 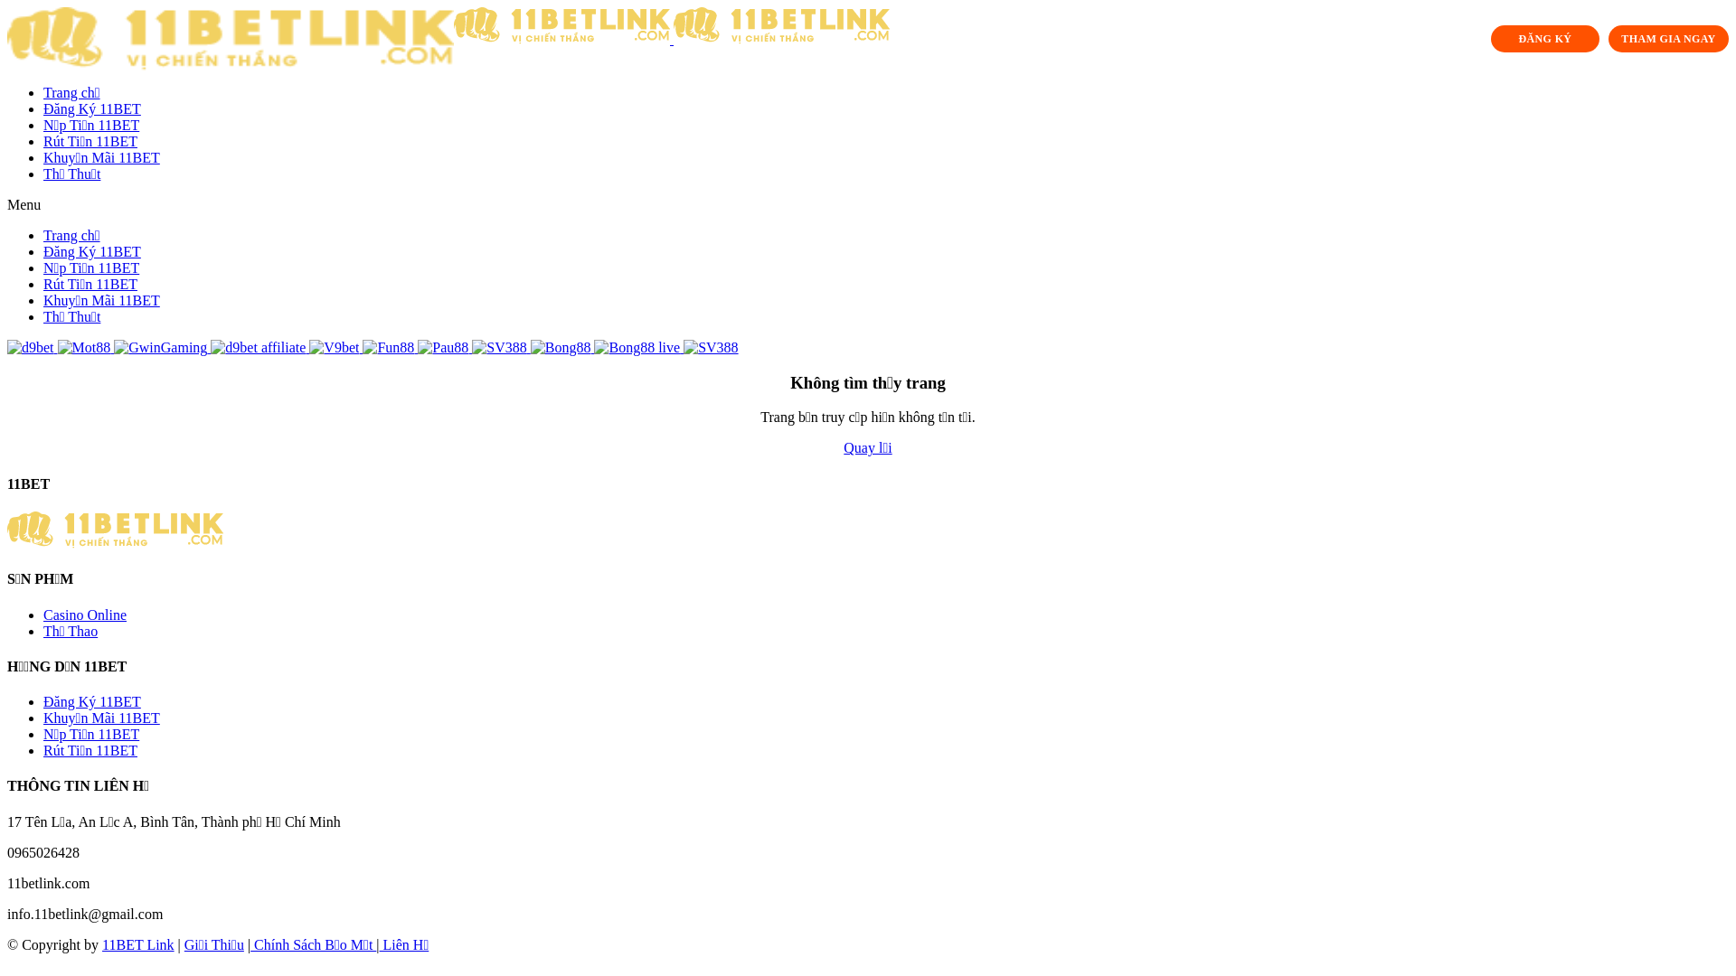 I want to click on 'Casino Online', so click(x=84, y=614).